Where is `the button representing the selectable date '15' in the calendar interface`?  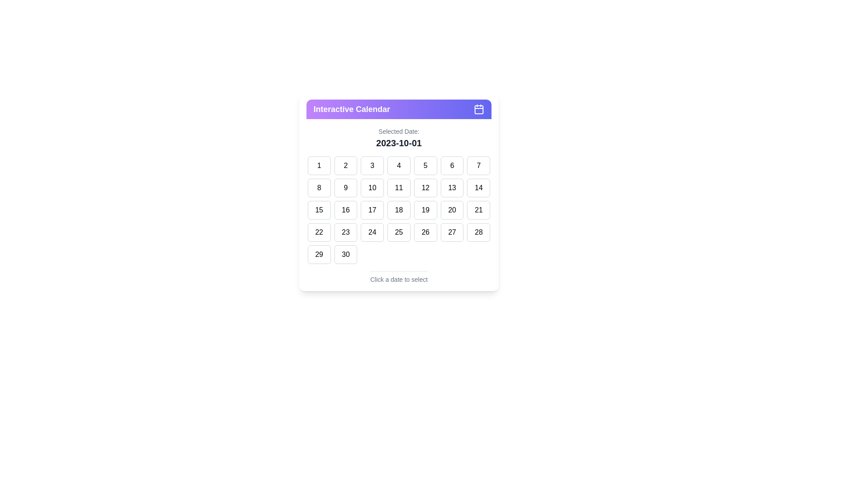
the button representing the selectable date '15' in the calendar interface is located at coordinates (319, 210).